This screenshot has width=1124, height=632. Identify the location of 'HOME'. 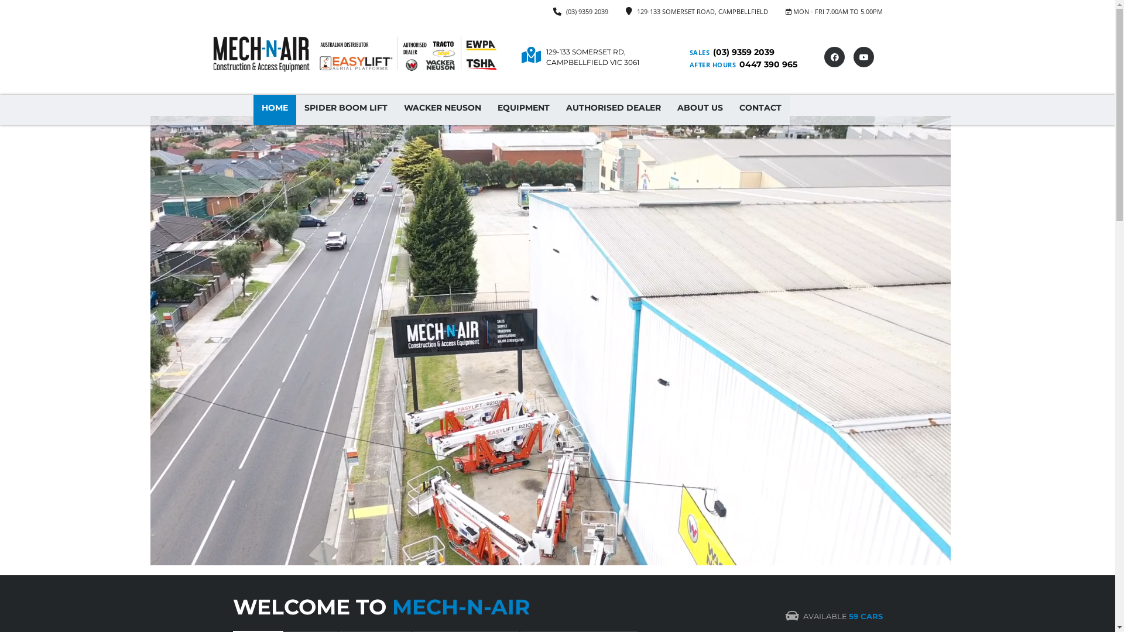
(273, 110).